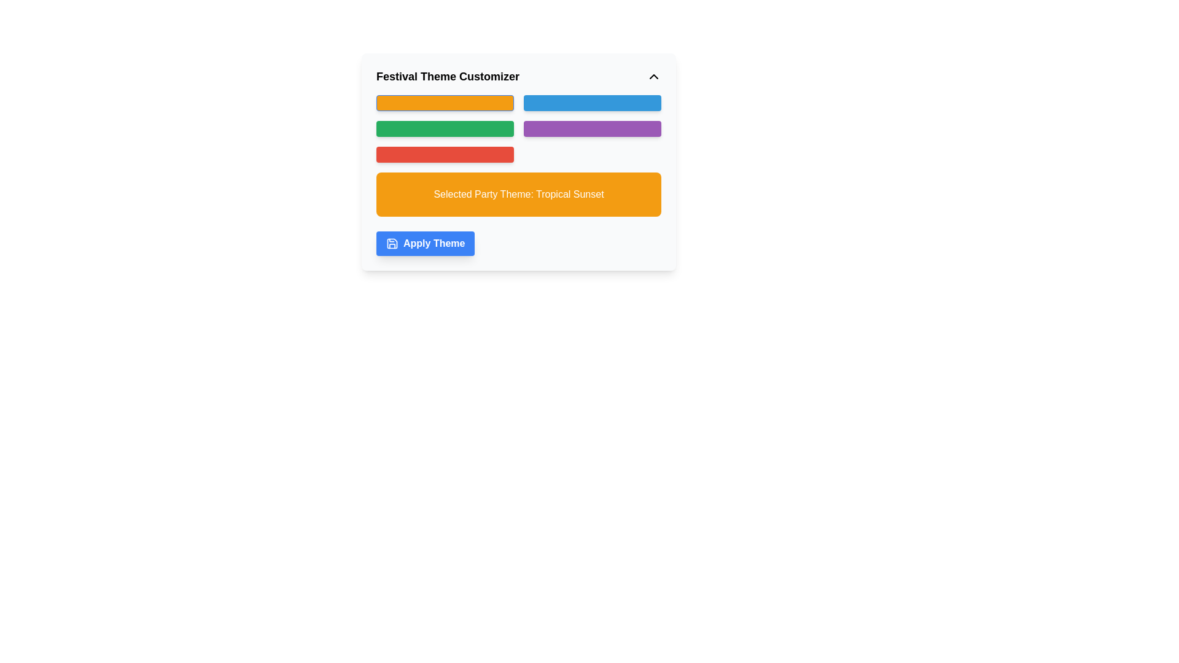  What do you see at coordinates (653, 76) in the screenshot?
I see `the Icon button located at the top-right corner of the 'Festival Theme Customizer' section` at bounding box center [653, 76].